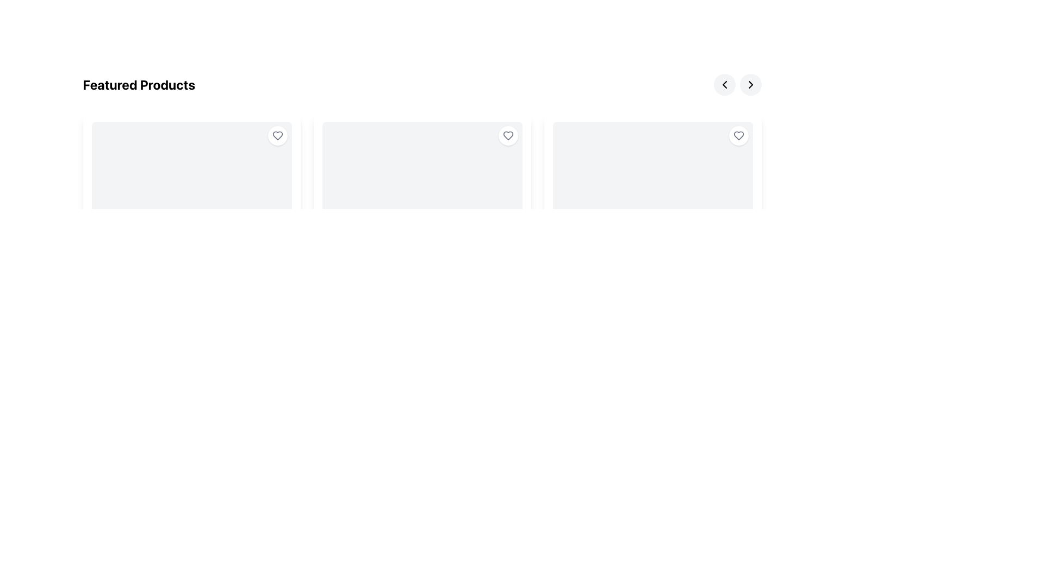 The height and width of the screenshot is (587, 1044). Describe the element at coordinates (277, 135) in the screenshot. I see `the circular button with a heart icon located at the top-right of the grid layout` at that location.